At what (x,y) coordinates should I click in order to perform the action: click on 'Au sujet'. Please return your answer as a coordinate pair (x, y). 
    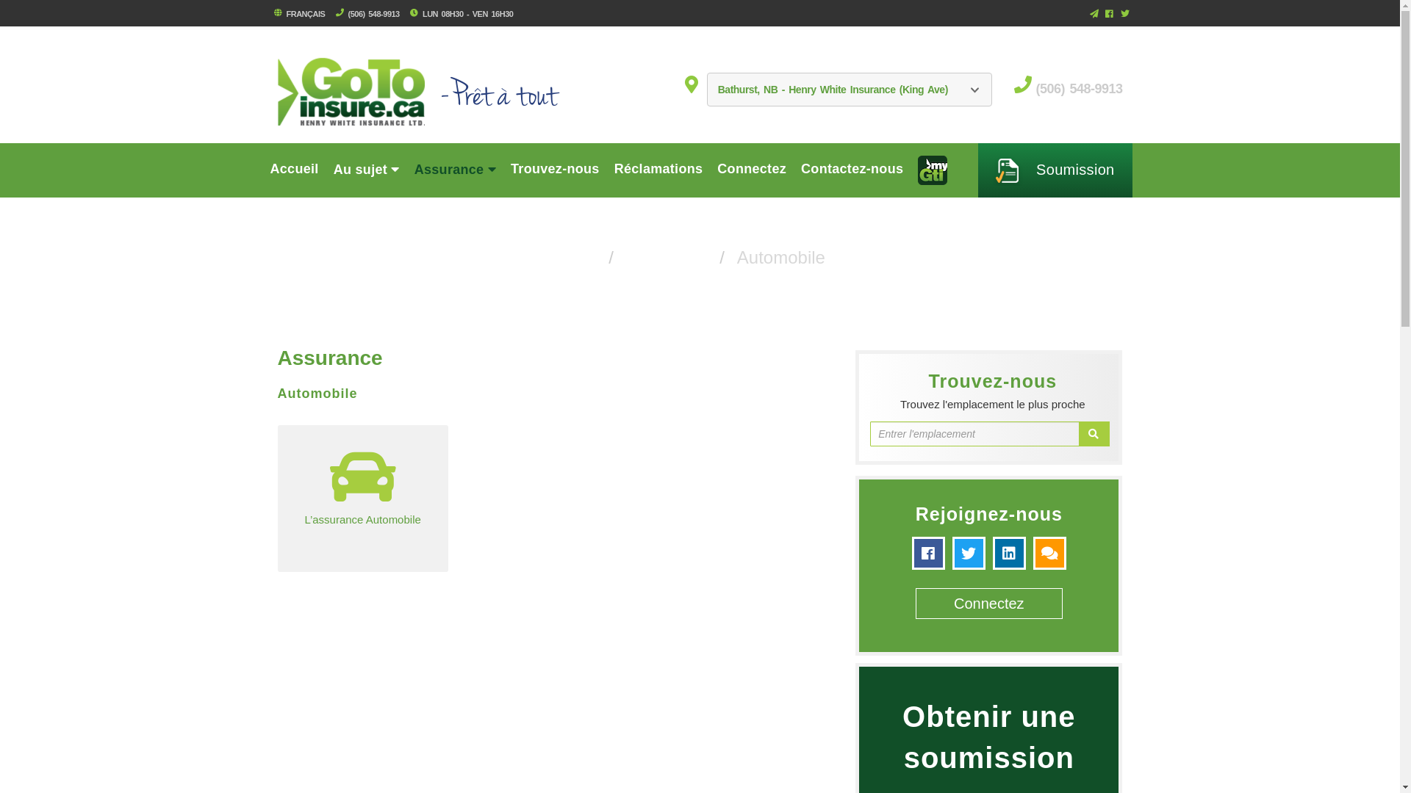
    Looking at the image, I should click on (367, 168).